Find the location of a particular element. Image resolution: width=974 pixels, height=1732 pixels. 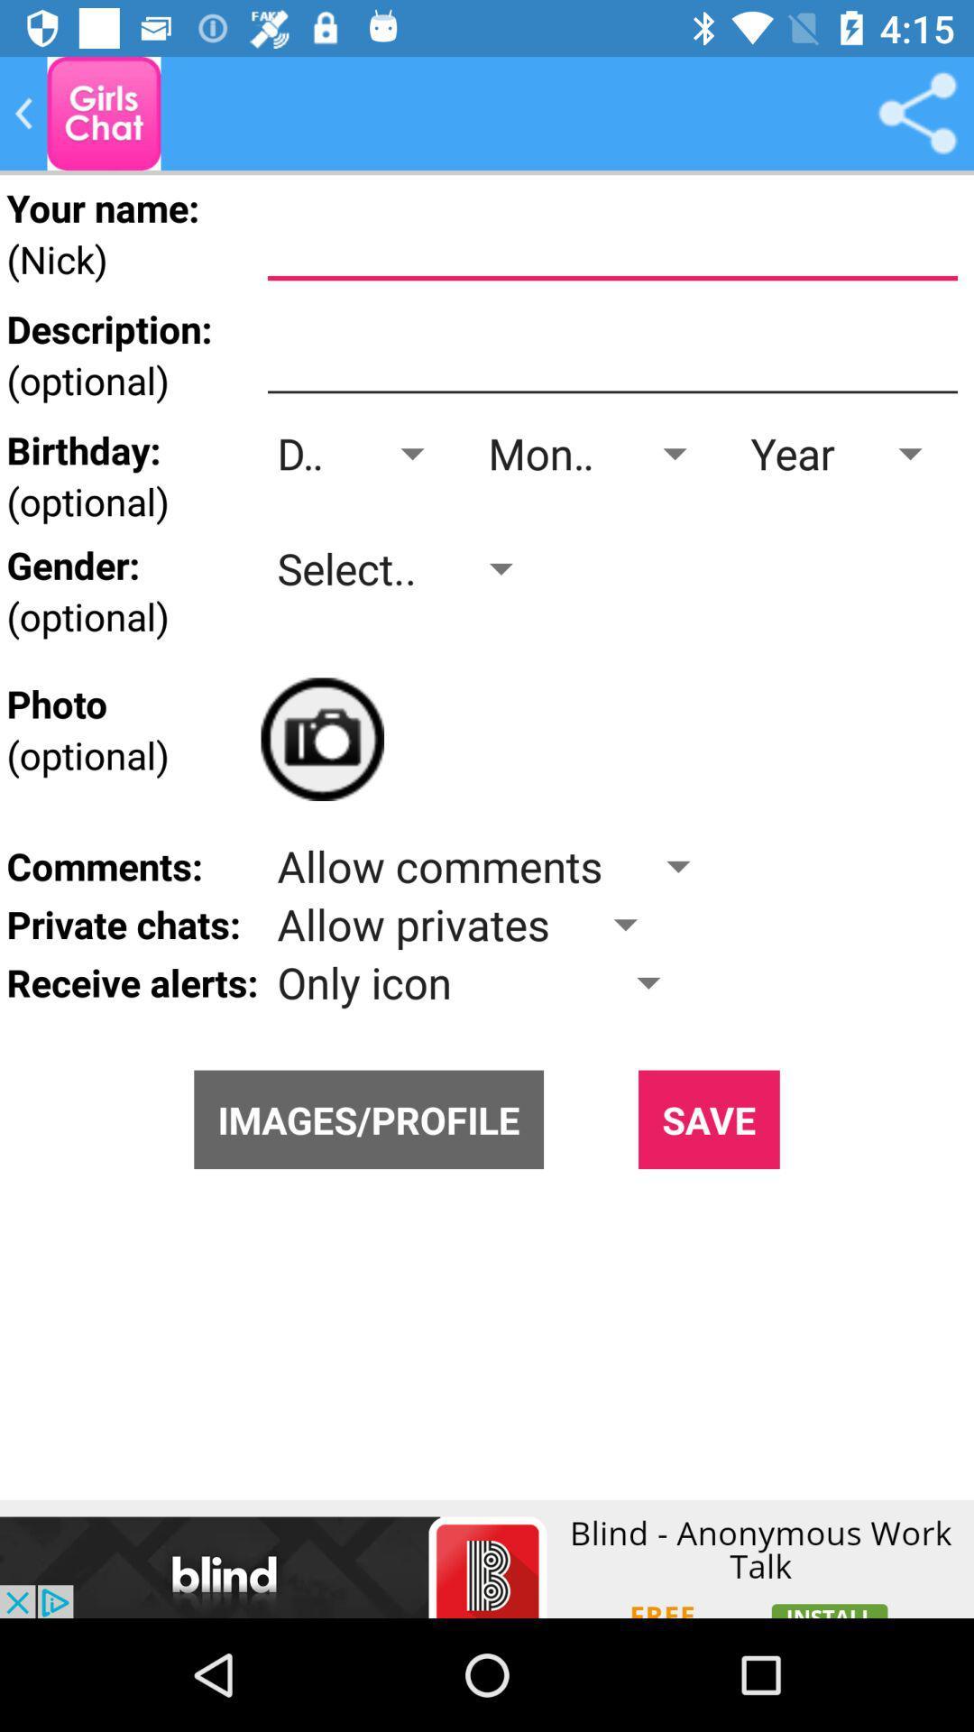

come back is located at coordinates (23, 112).